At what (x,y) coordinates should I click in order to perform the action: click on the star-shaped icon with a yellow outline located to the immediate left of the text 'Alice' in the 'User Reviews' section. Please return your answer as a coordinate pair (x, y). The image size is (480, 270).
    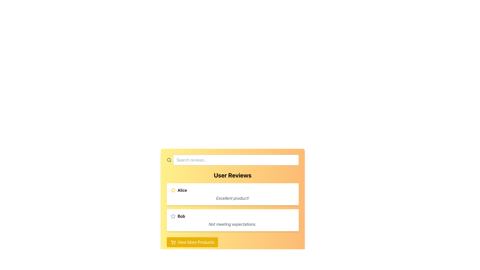
    Looking at the image, I should click on (173, 190).